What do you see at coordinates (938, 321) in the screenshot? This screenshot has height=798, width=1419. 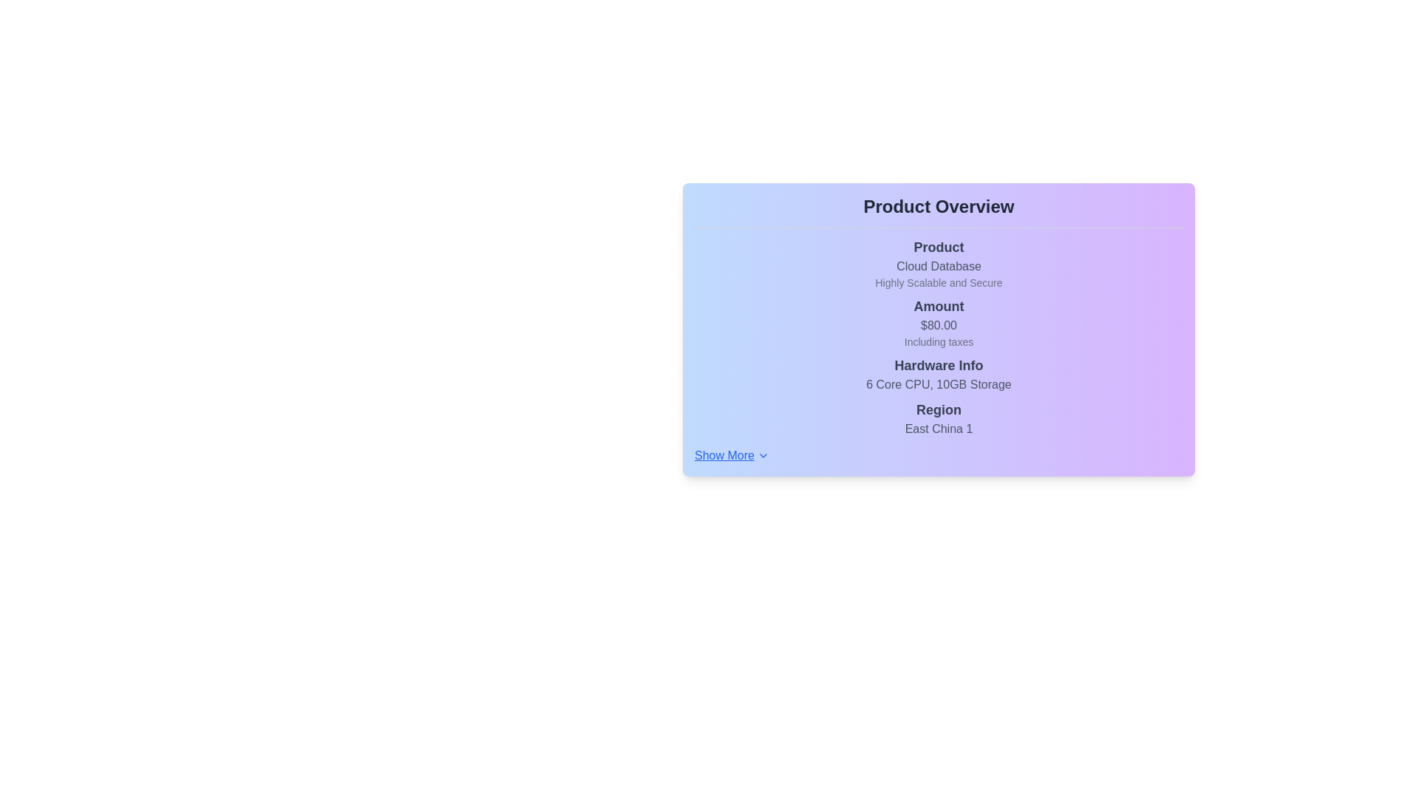 I see `the informational text block displaying the product price, which is located in the third section of the 'Product Overview' card, between the 'Product' and 'Hardware Info' sections` at bounding box center [938, 321].